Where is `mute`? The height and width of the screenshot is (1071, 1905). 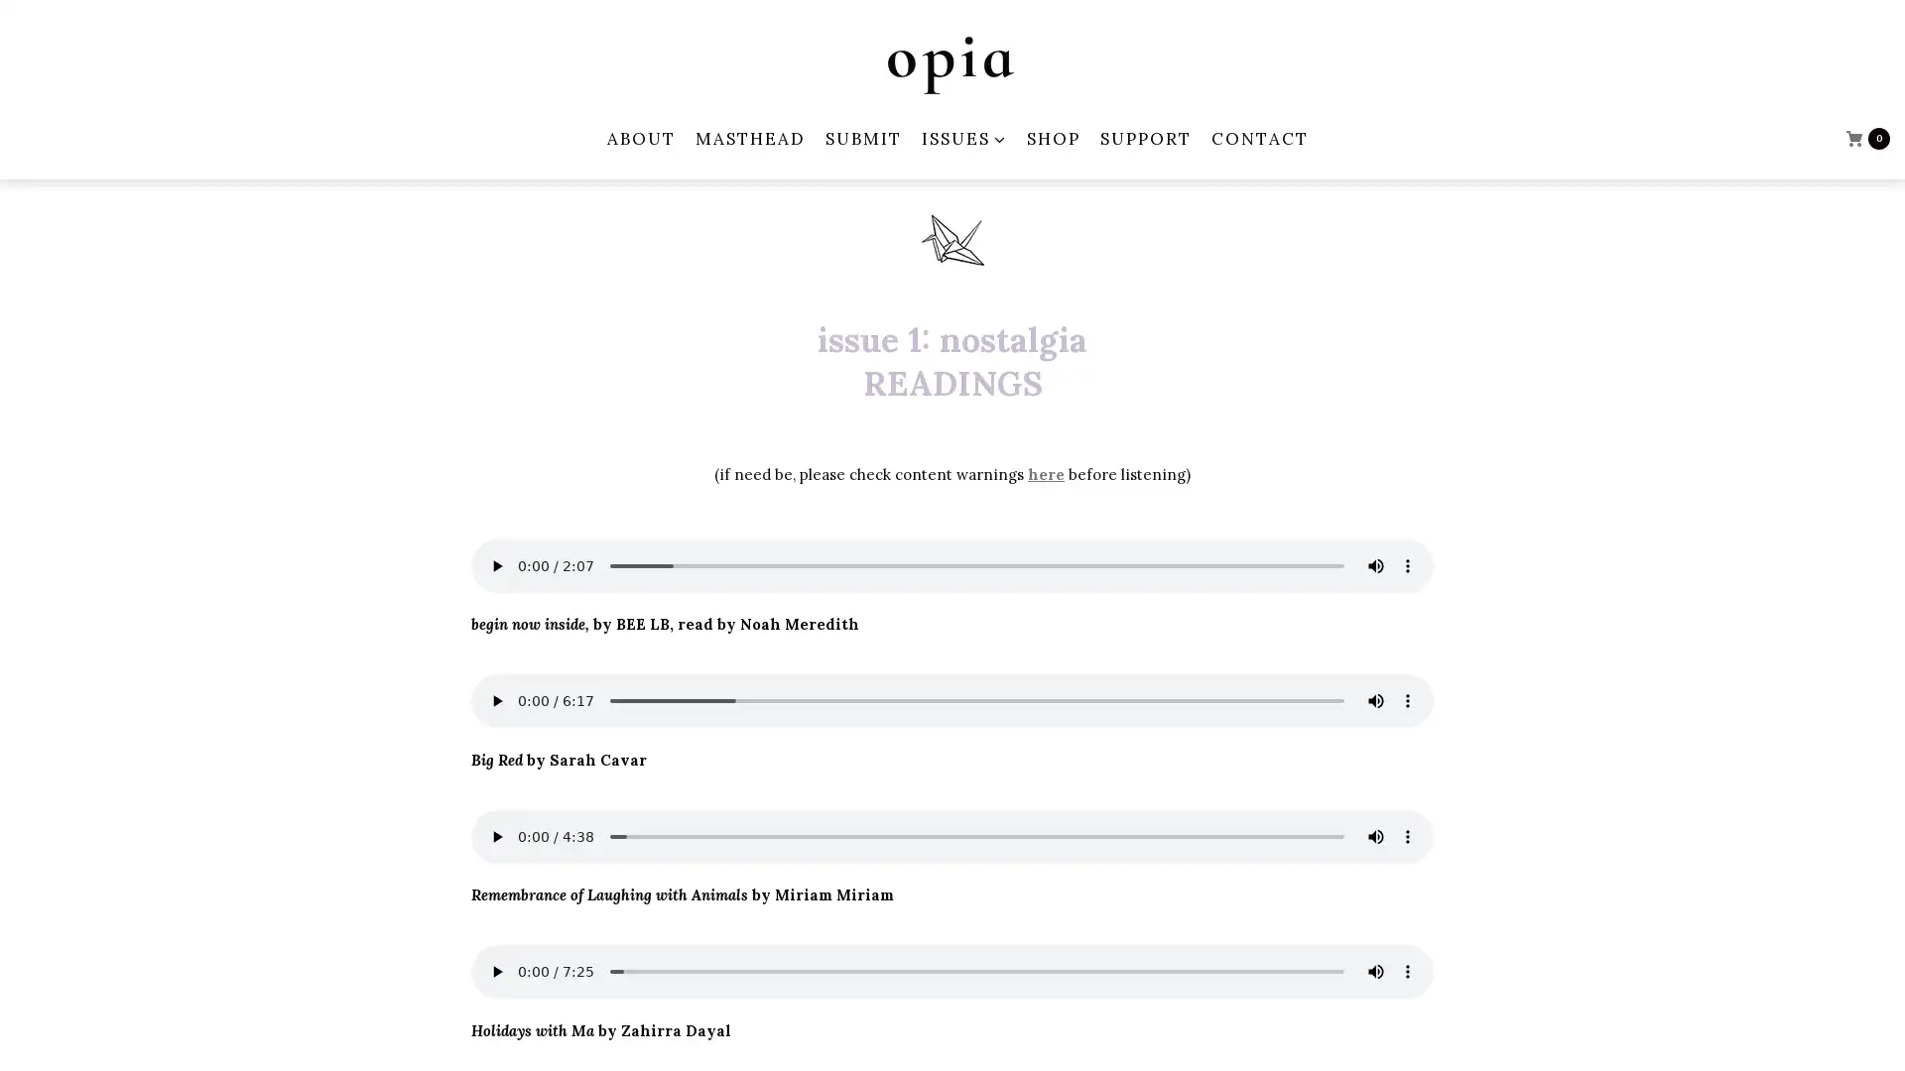 mute is located at coordinates (1375, 970).